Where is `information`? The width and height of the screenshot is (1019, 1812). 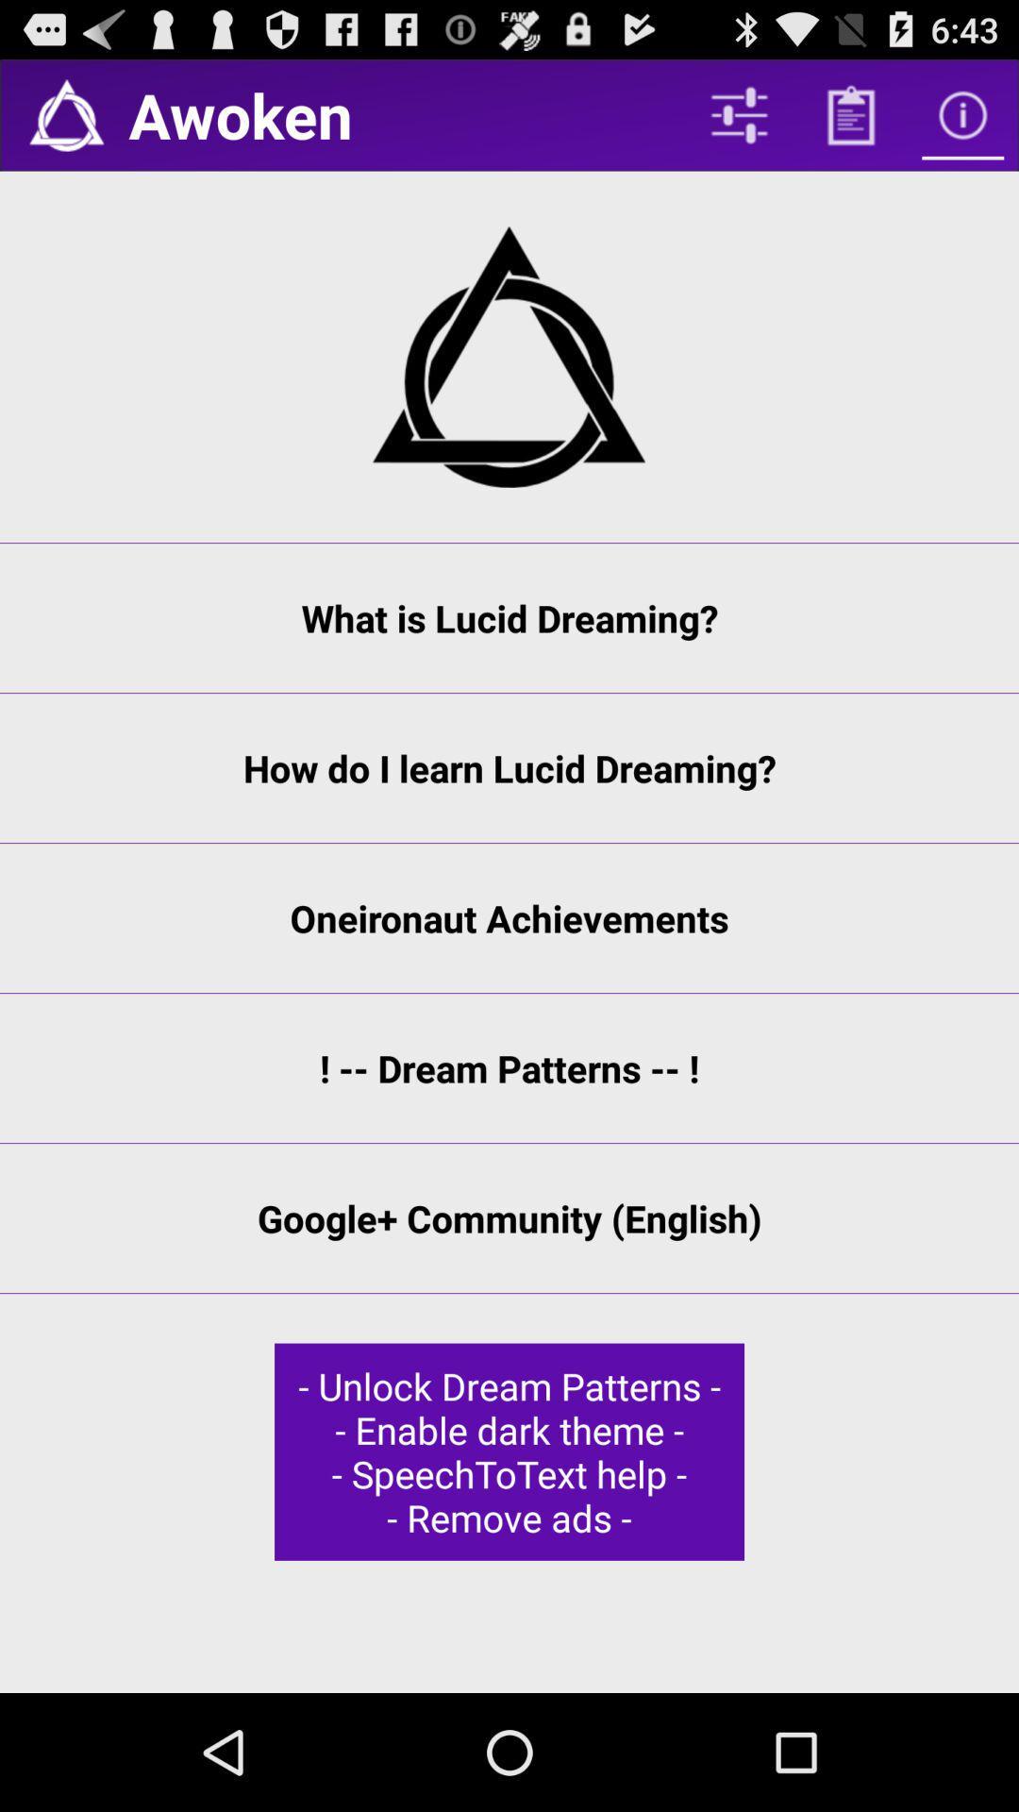
information is located at coordinates (962, 114).